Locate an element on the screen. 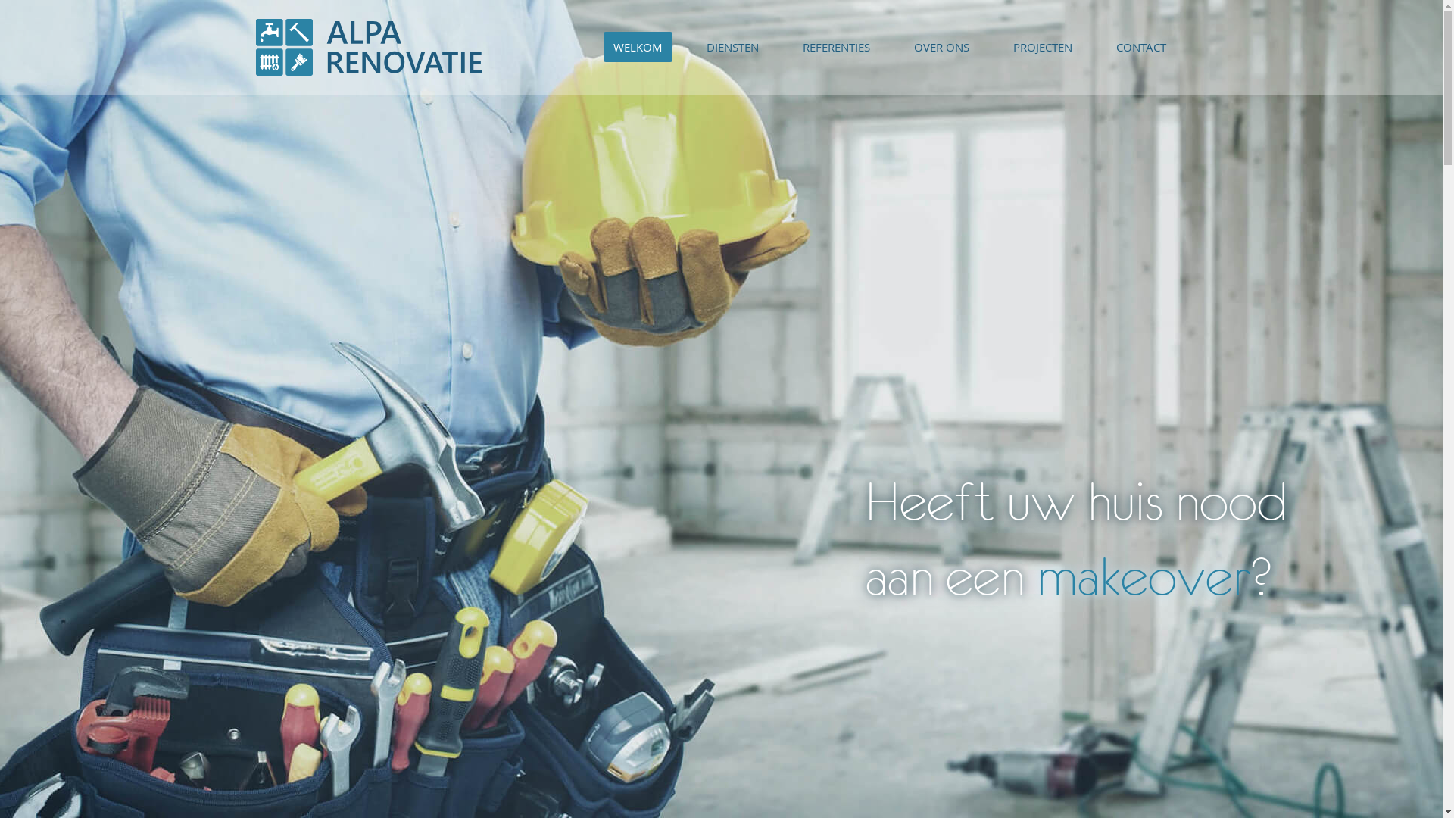 The image size is (1454, 818). 'REFERENTIES' is located at coordinates (835, 45).